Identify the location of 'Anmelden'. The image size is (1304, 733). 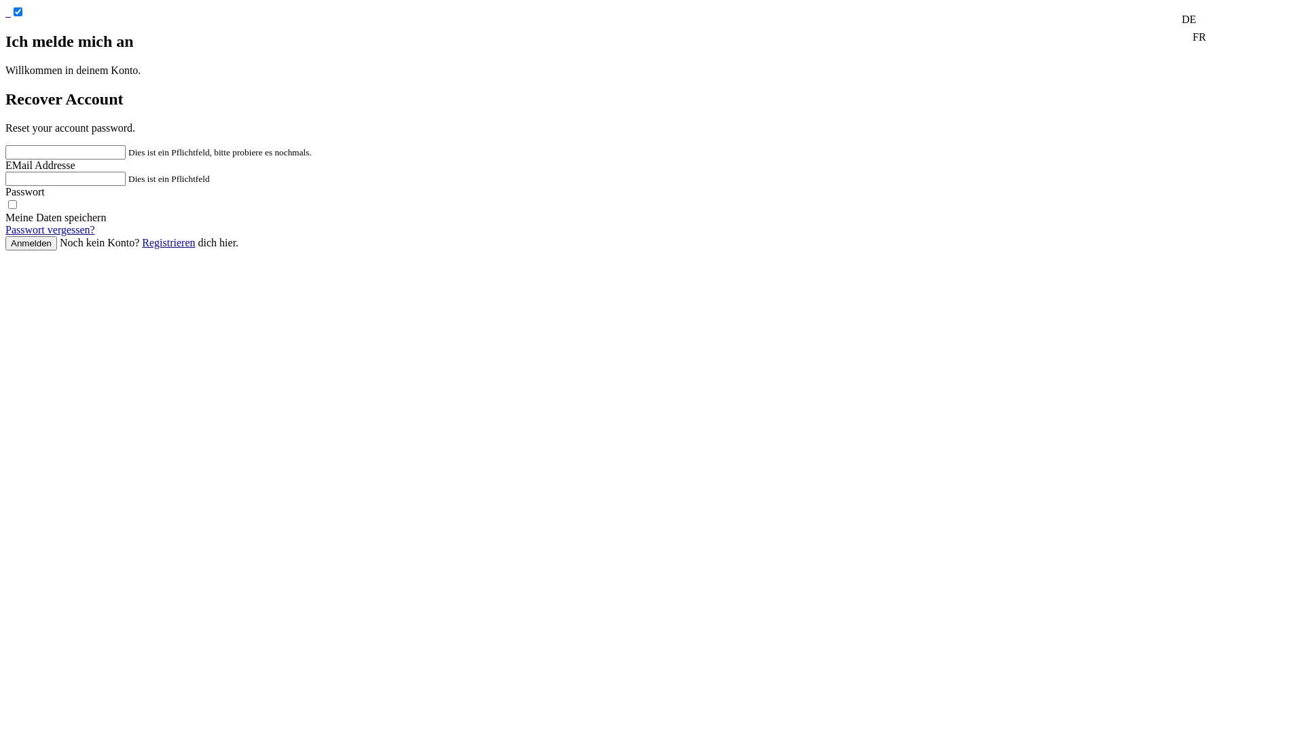
(5, 242).